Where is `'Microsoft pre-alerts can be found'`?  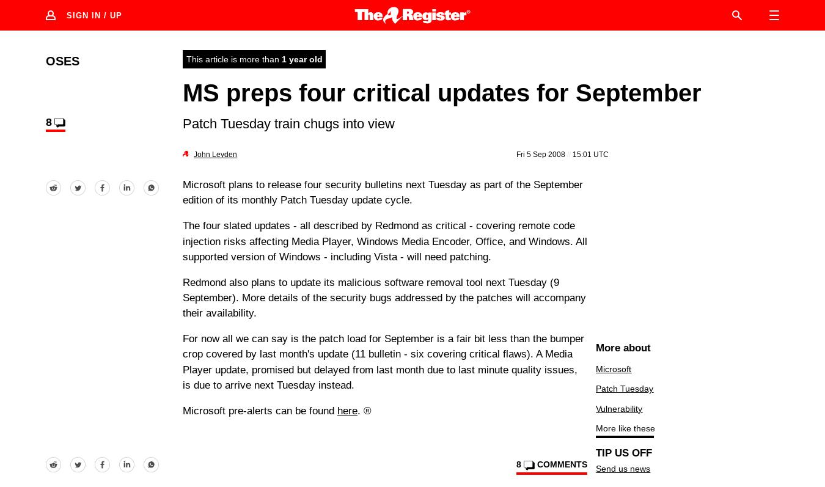 'Microsoft pre-alerts can be found' is located at coordinates (260, 410).